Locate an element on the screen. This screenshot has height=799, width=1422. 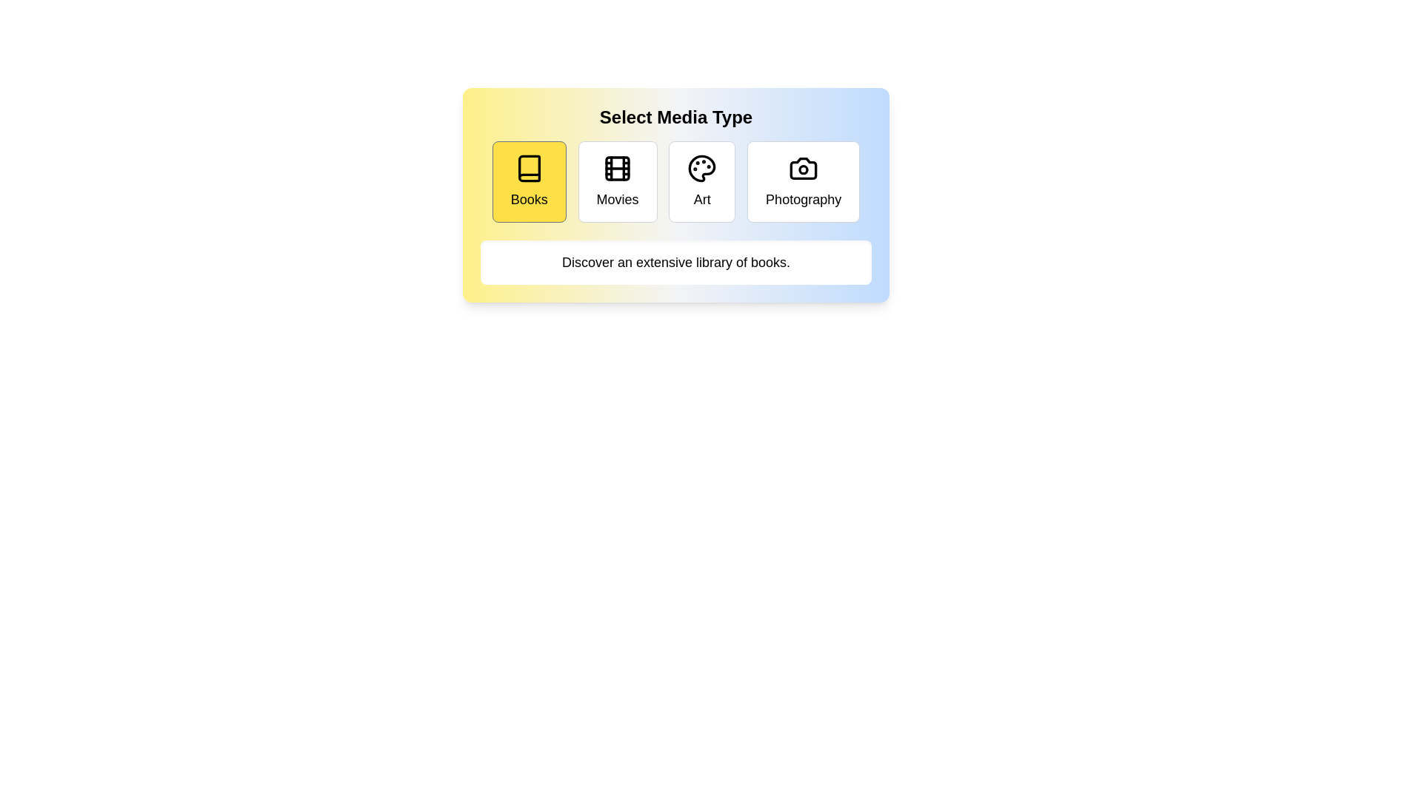
the media type Books by clicking the corresponding button is located at coordinates (529, 181).